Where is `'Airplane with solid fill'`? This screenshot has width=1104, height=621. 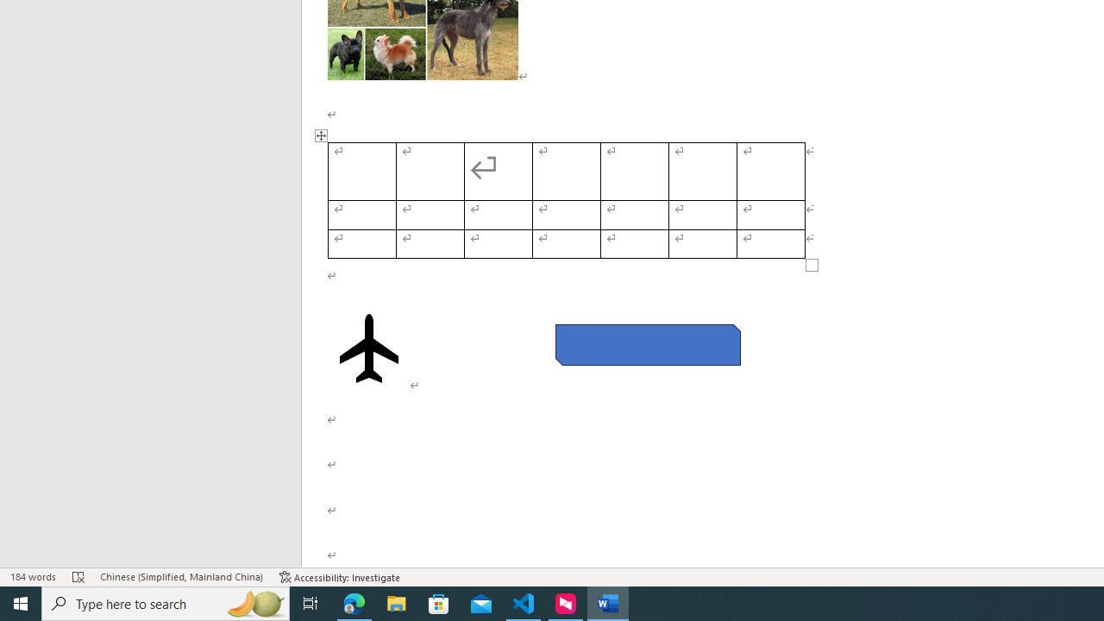
'Airplane with solid fill' is located at coordinates (368, 348).